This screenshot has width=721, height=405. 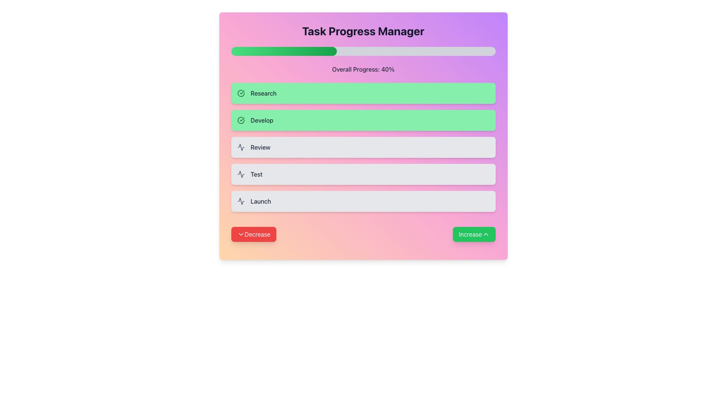 What do you see at coordinates (241, 147) in the screenshot?
I see `the waveform-like icon located within the 'Review' card, positioned to the far left and adjacent to the card's edge` at bounding box center [241, 147].